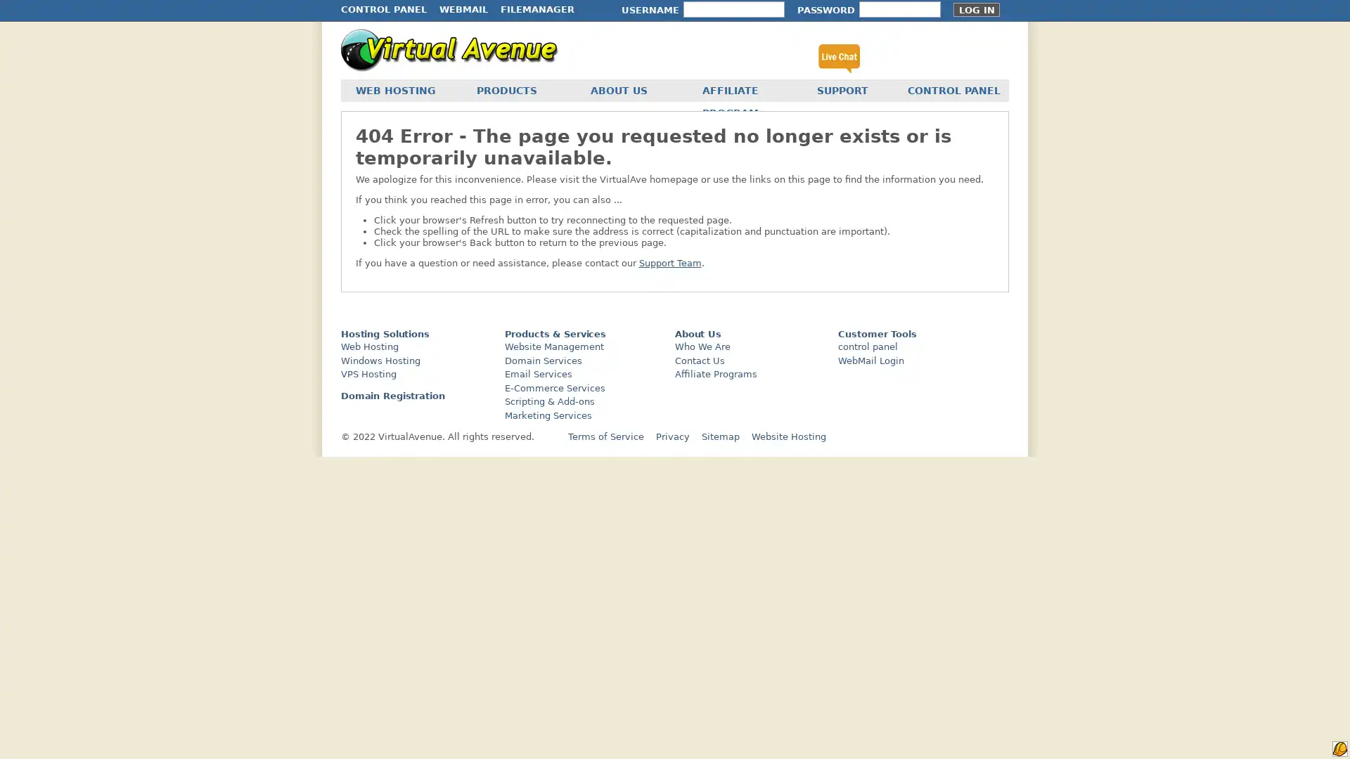  I want to click on Cookies Settings, so click(143, 704).